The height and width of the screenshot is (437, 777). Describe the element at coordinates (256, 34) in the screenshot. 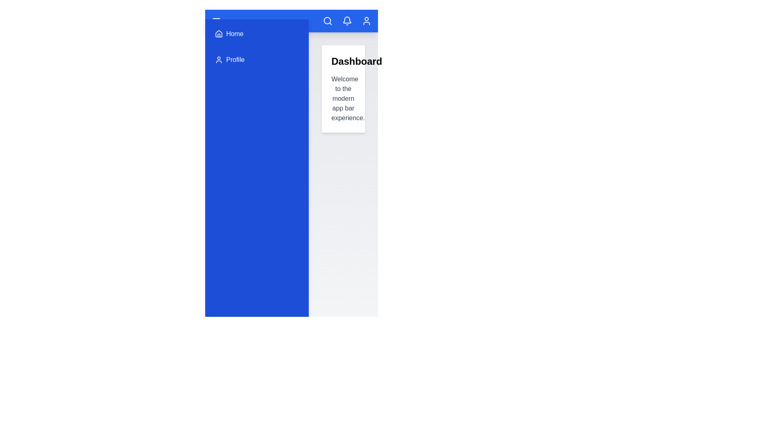

I see `the 'Home' menu item` at that location.